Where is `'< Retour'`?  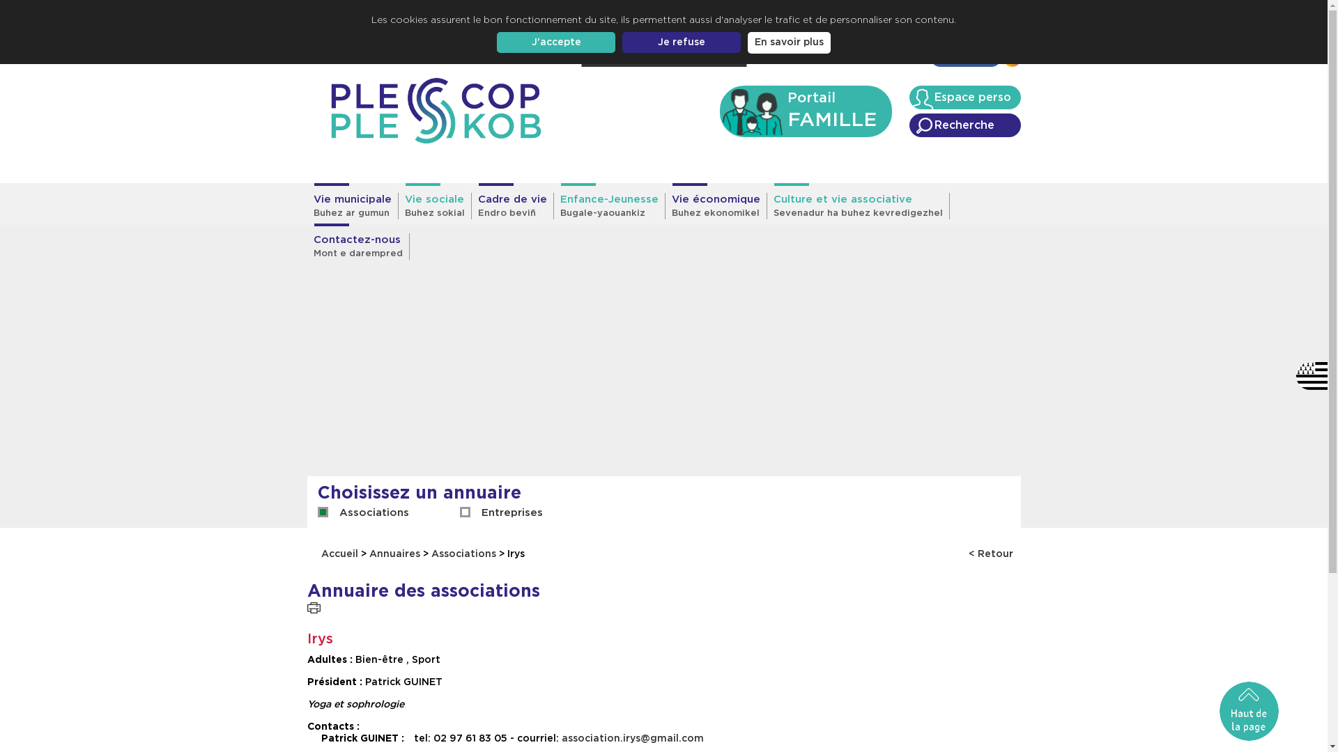 '< Retour' is located at coordinates (990, 554).